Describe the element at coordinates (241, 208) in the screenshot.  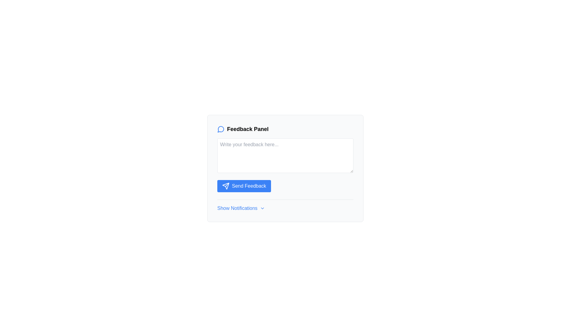
I see `the Dropdown toggle located under the 'Feedback Panel'` at that location.